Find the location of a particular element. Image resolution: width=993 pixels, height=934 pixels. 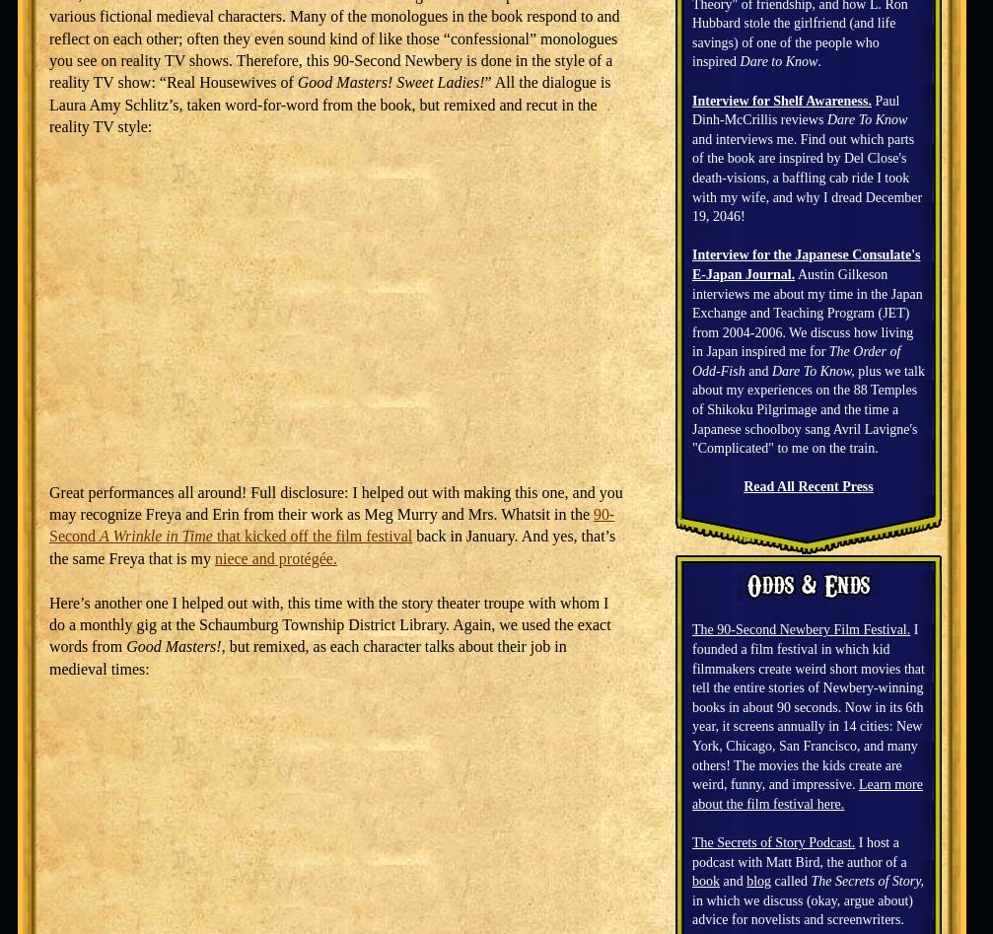

'.' is located at coordinates (816, 61).